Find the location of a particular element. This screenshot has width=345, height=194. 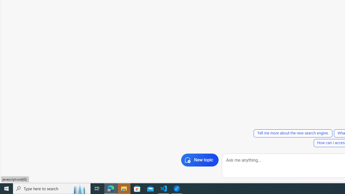

'Tell me more about the new search engine.' is located at coordinates (293, 133).